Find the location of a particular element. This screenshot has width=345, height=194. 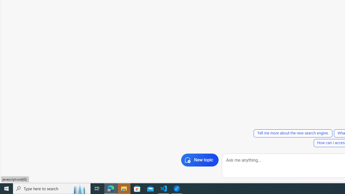

'Tell me more about the new search engine.' is located at coordinates (293, 133).